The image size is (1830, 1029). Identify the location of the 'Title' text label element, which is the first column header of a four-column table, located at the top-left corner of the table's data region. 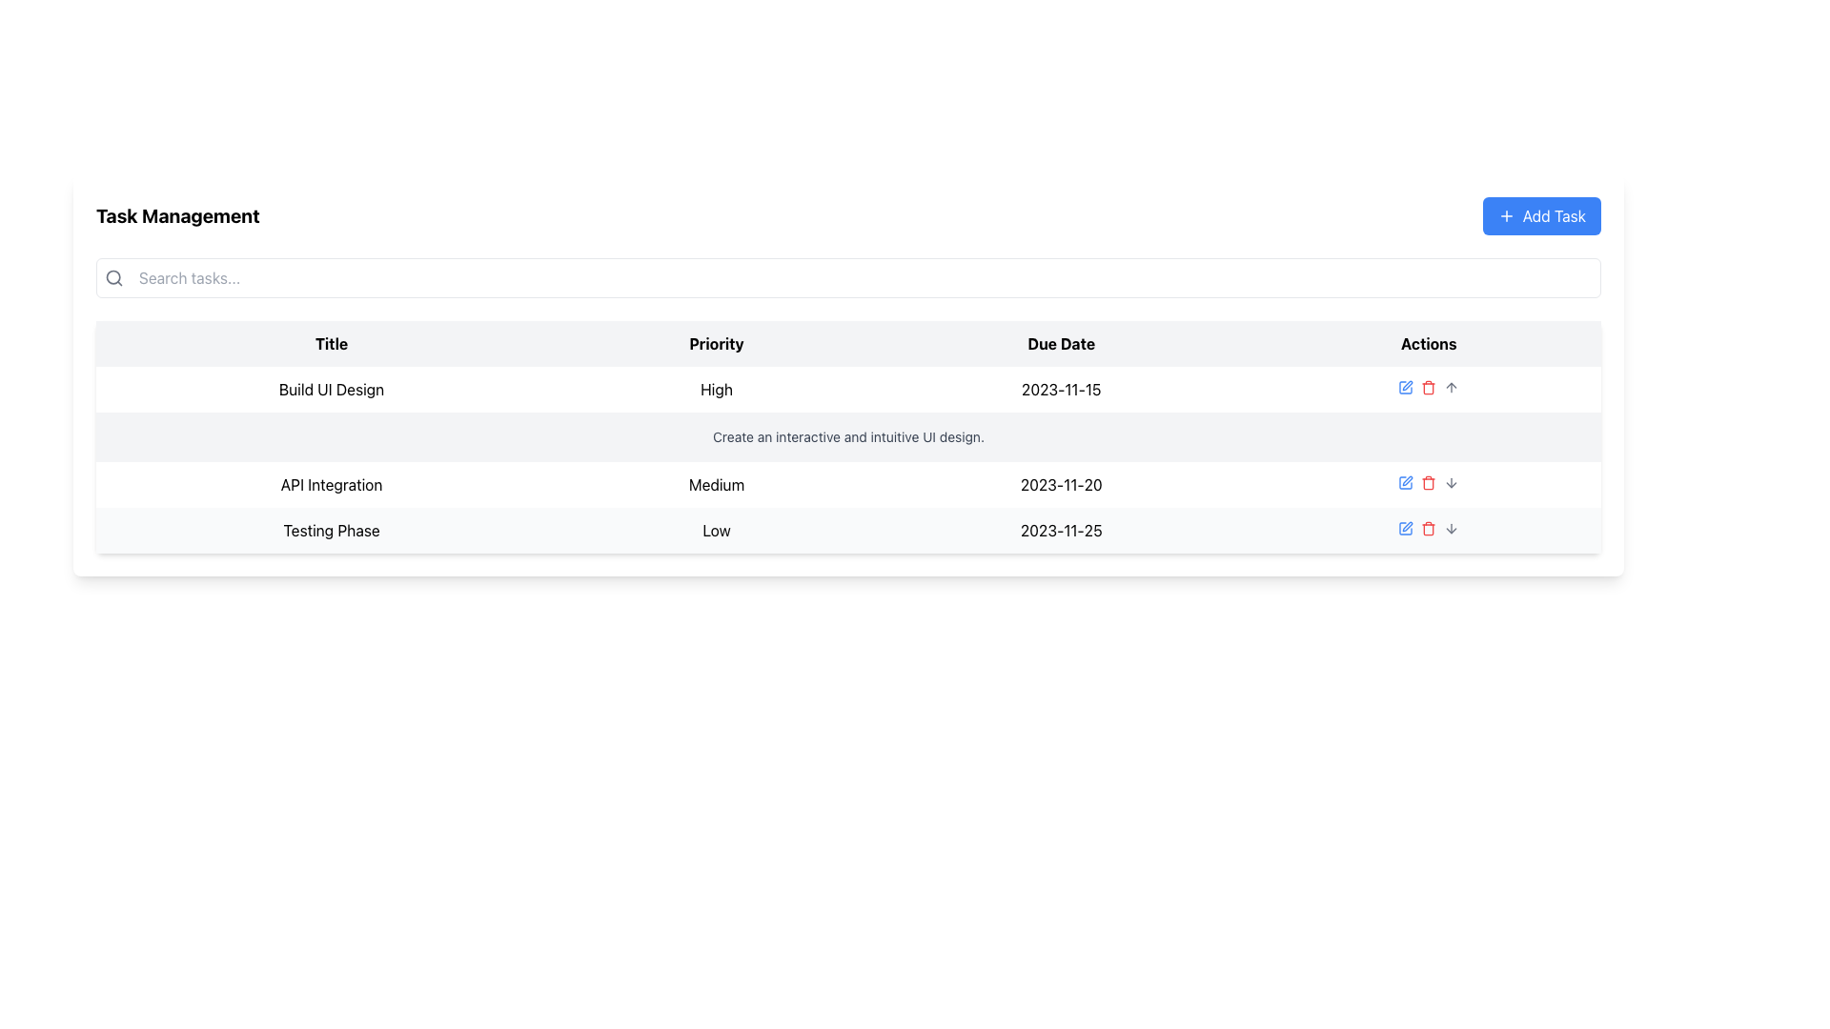
(332, 344).